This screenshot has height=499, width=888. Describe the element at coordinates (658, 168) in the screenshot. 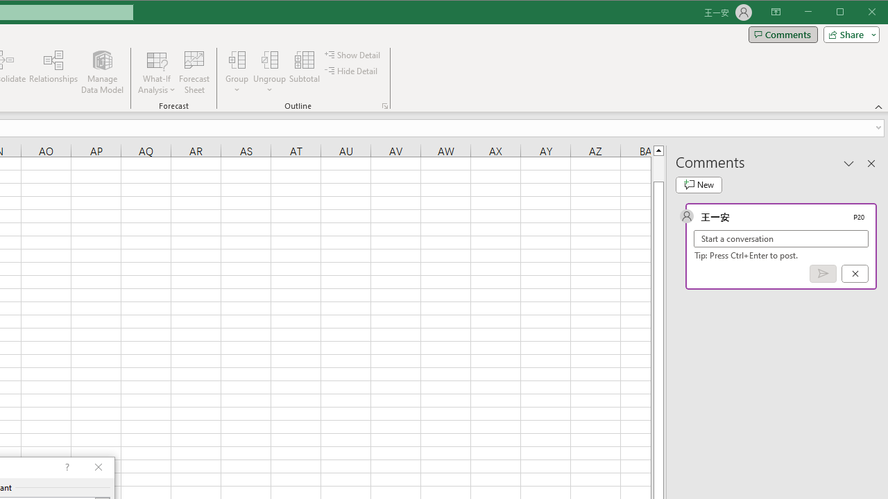

I see `'Page up'` at that location.